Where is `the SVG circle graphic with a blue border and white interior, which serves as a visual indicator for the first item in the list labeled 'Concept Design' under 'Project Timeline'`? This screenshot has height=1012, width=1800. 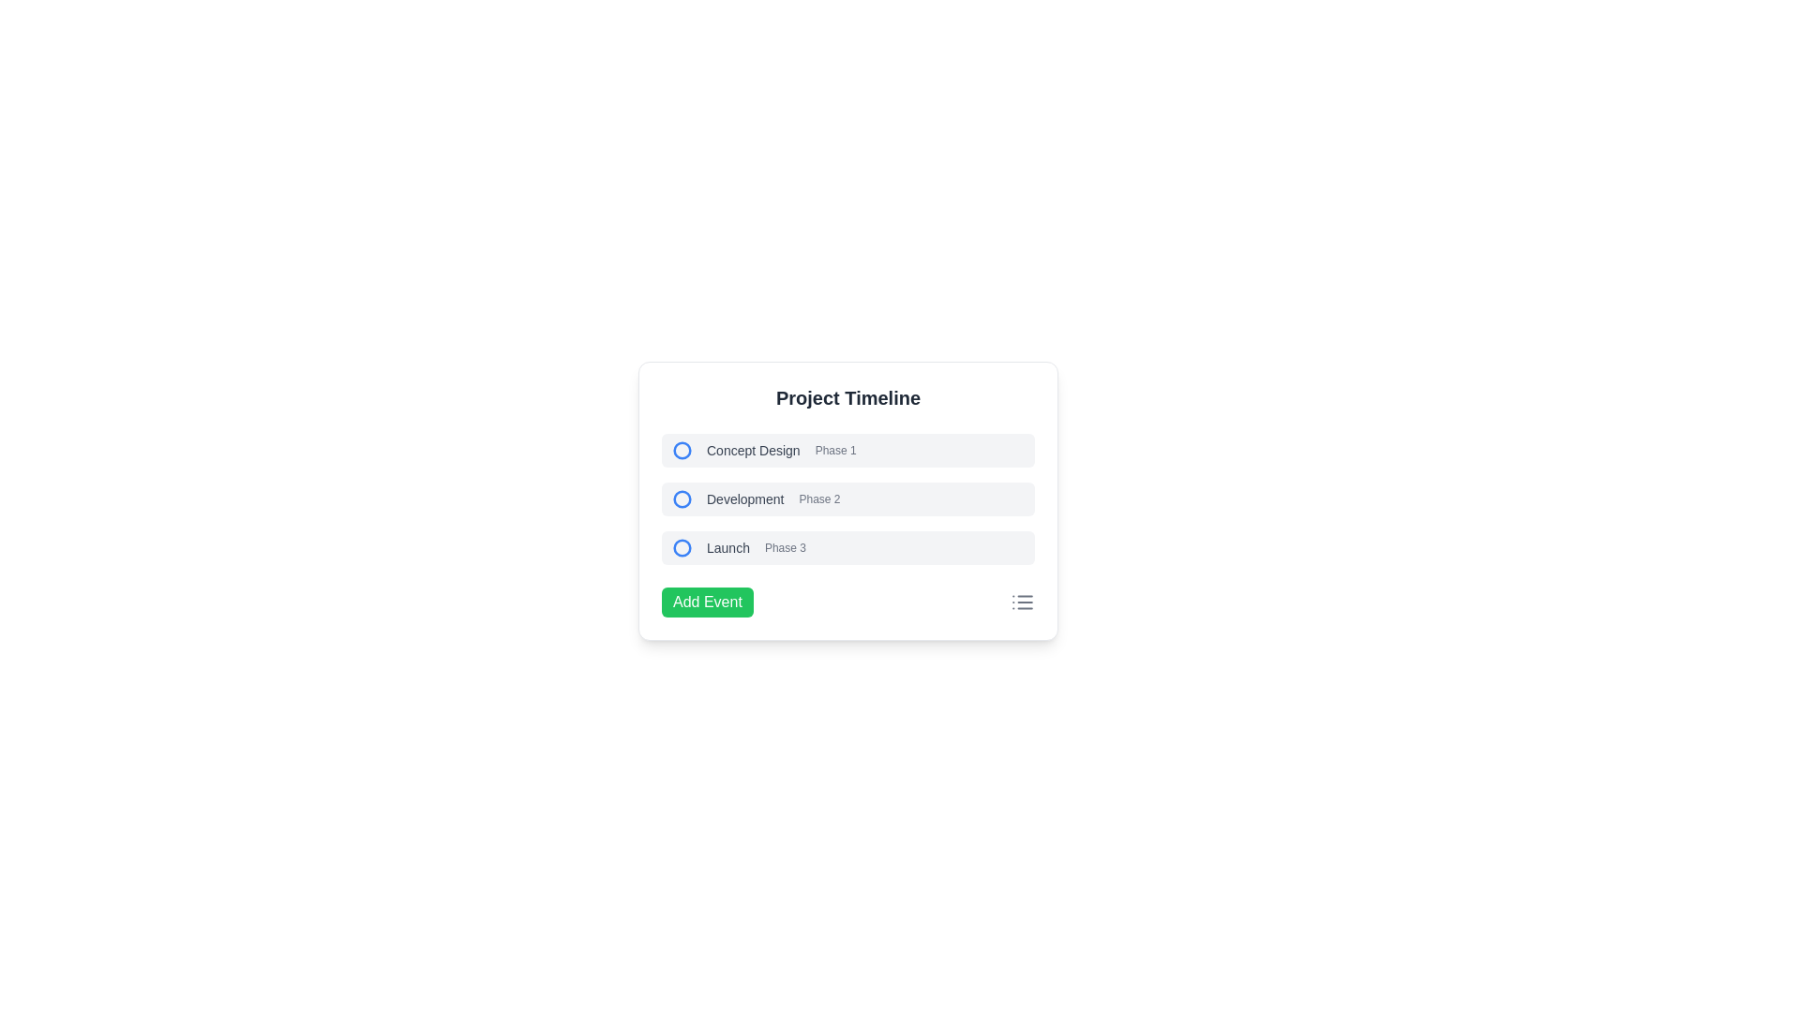 the SVG circle graphic with a blue border and white interior, which serves as a visual indicator for the first item in the list labeled 'Concept Design' under 'Project Timeline' is located at coordinates (682, 451).